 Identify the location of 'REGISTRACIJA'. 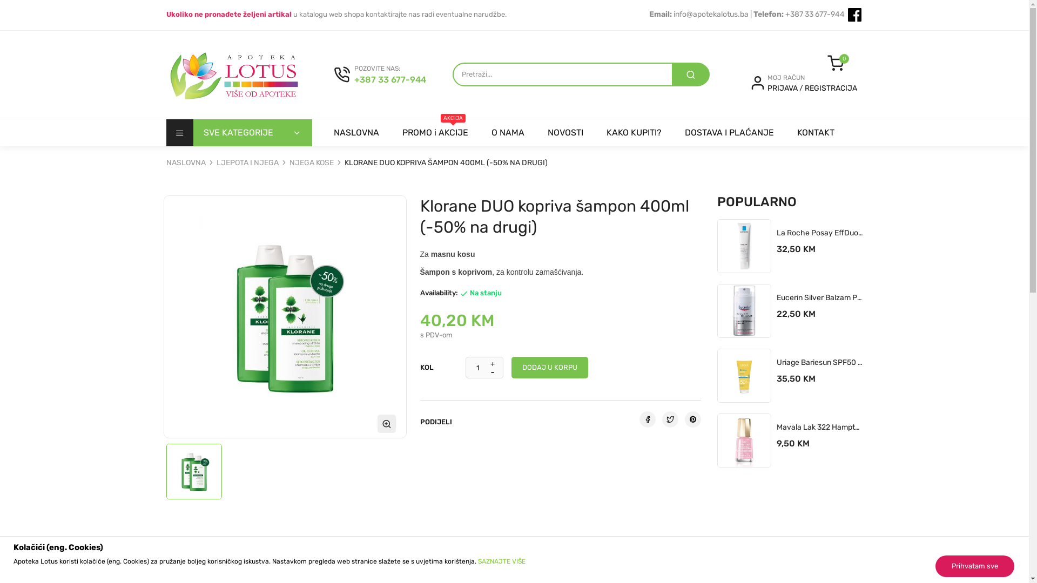
(804, 87).